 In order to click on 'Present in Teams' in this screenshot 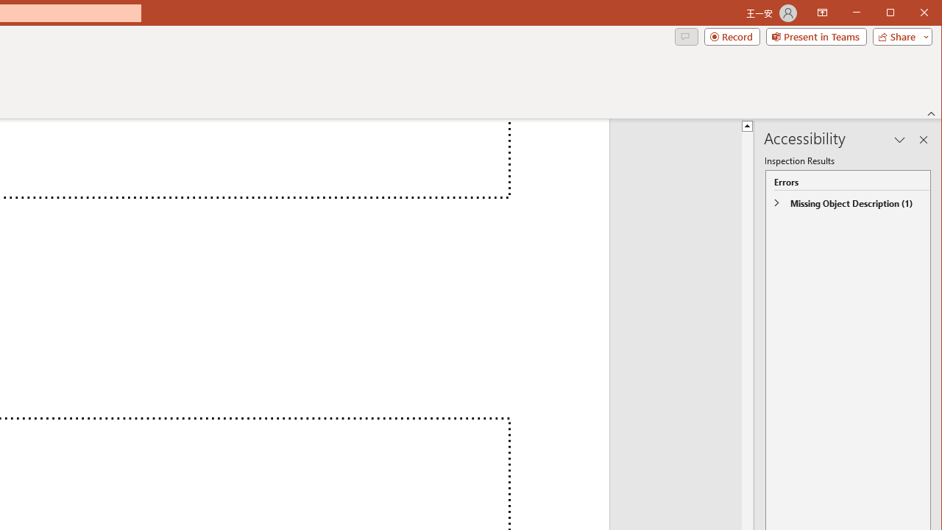, I will do `click(815, 36)`.